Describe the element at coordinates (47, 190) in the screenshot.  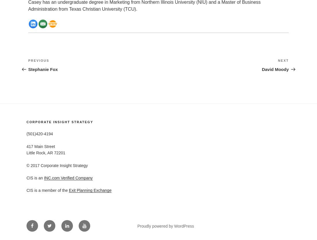
I see `'CIS is a member of the'` at that location.